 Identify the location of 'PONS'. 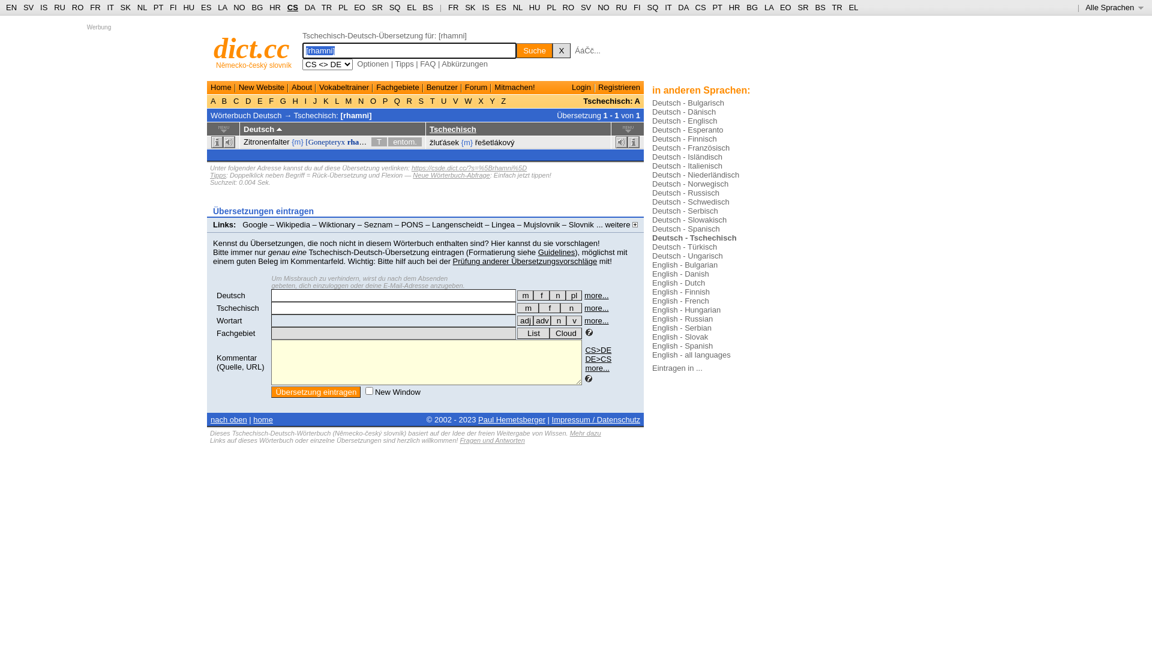
(412, 224).